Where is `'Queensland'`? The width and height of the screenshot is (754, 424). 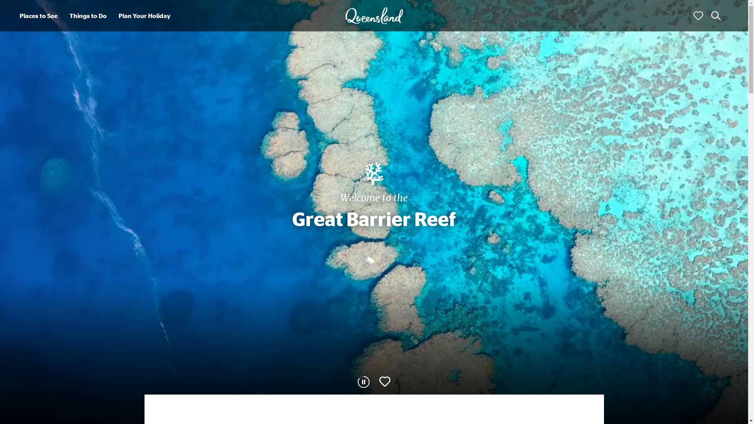 'Queensland' is located at coordinates (373, 15).